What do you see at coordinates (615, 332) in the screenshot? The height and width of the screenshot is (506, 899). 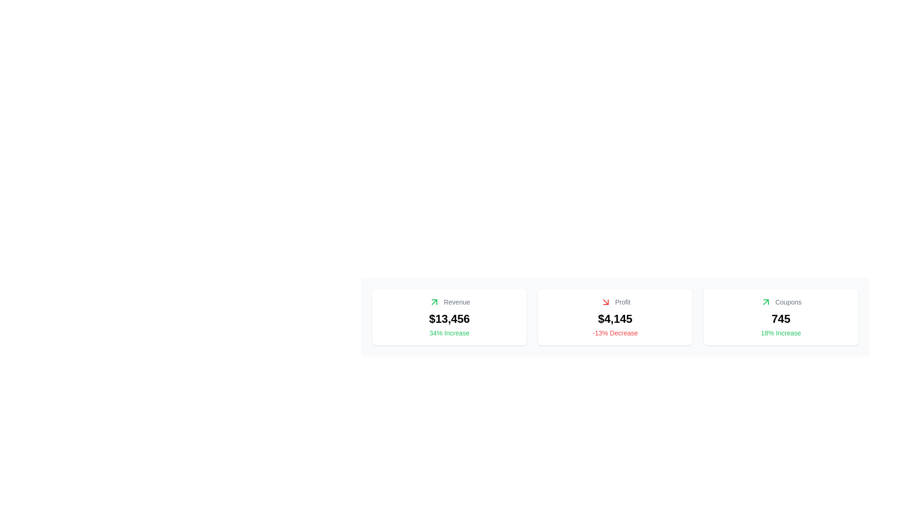 I see `the text label indicating a 13% decrease, which is located below the '$4,145' text in the bottom section of the middle card labeled 'Profit'` at bounding box center [615, 332].